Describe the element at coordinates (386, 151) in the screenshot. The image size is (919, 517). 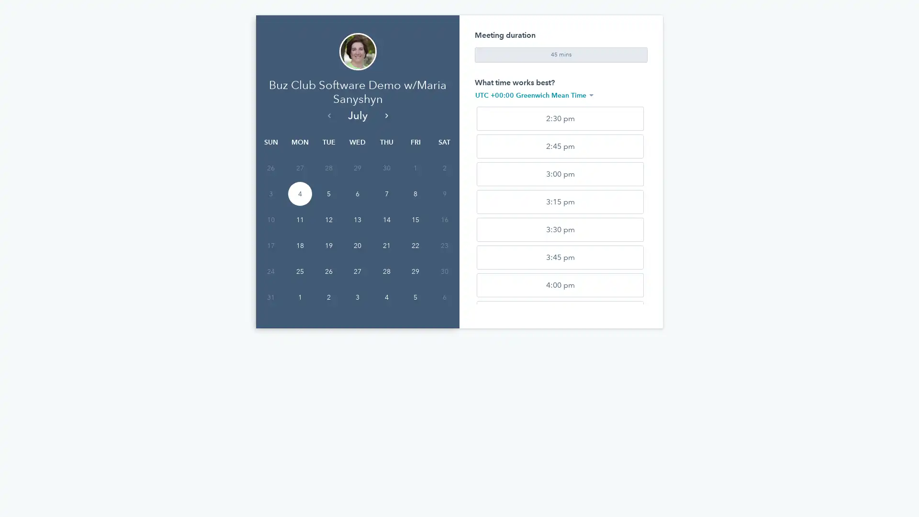
I see `View August` at that location.